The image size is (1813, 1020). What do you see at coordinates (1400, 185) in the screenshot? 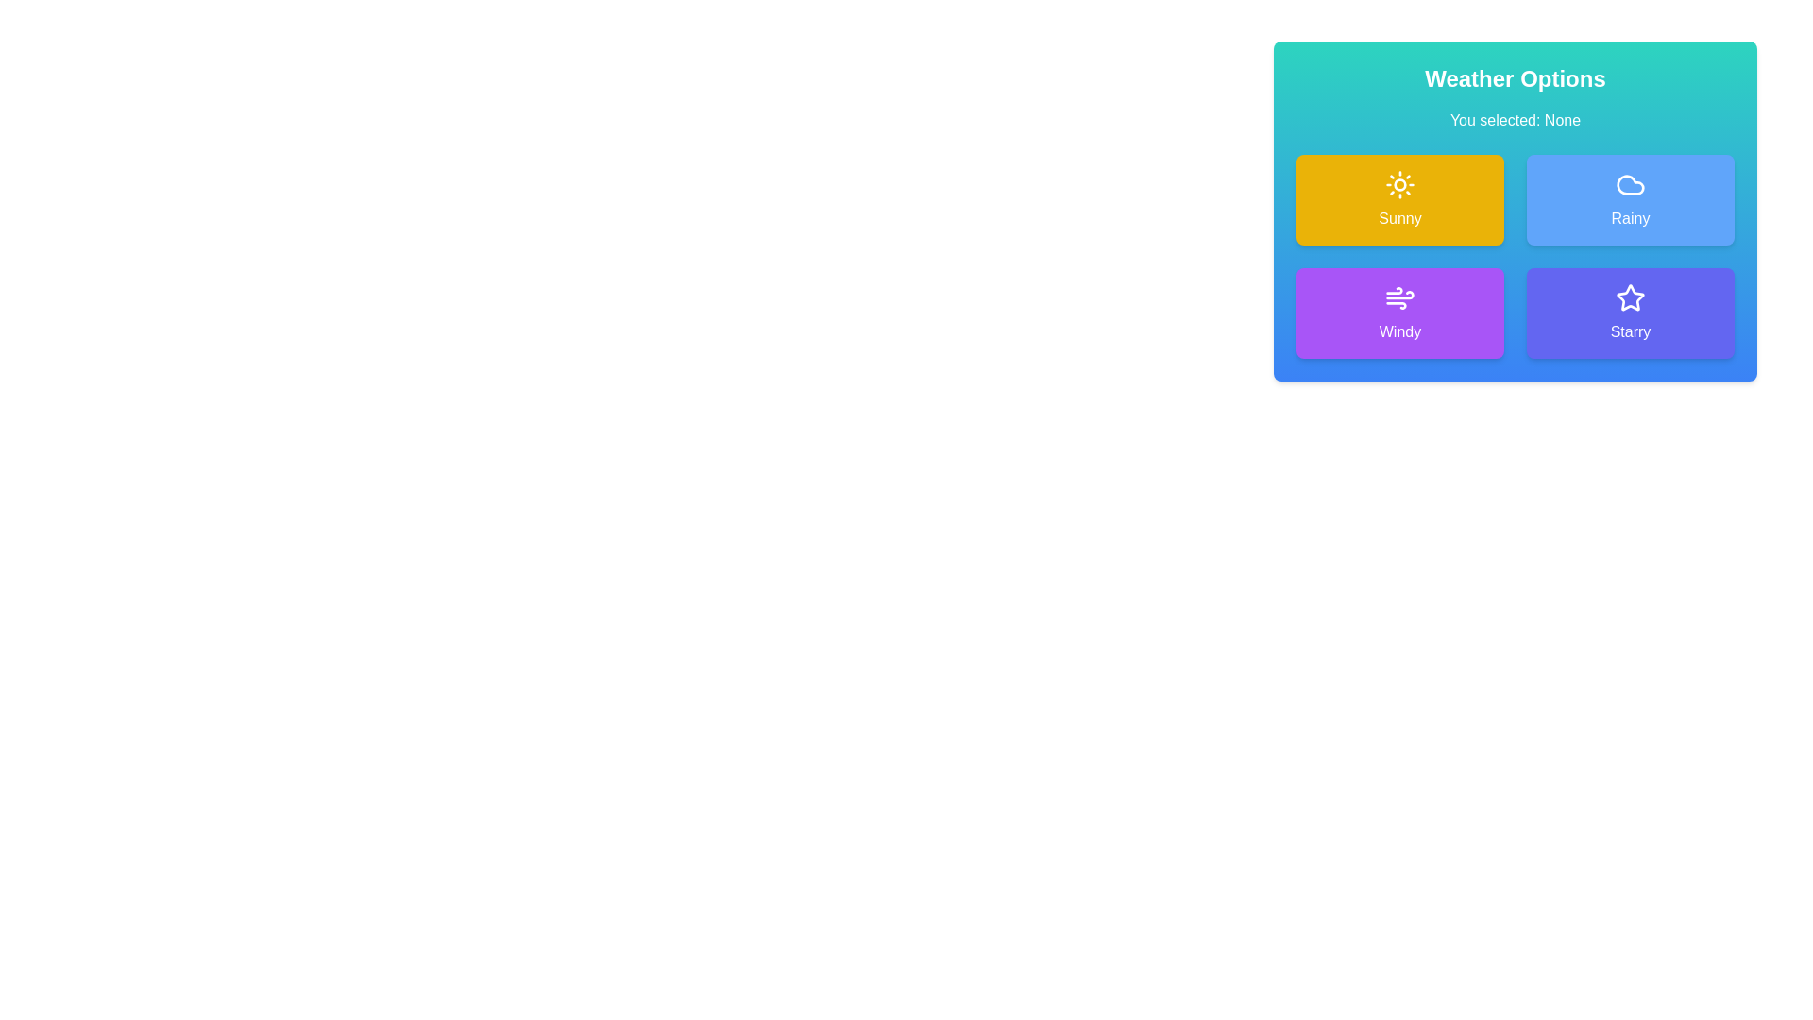
I see `the sun icon, which is styled with a circular center and rays, located within the yellow button labeled 'Sunny' in the top-left quadrant of the Weather Options grid` at bounding box center [1400, 185].